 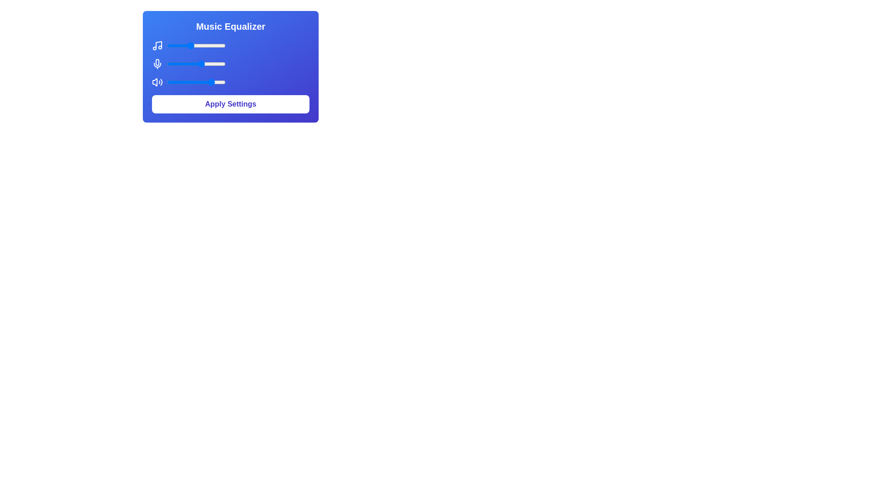 I want to click on the microphone icon, which is the second icon in a vertical stack of three icons within the card, positioned below the musical note icon and above the speaker icon, so click(x=157, y=62).